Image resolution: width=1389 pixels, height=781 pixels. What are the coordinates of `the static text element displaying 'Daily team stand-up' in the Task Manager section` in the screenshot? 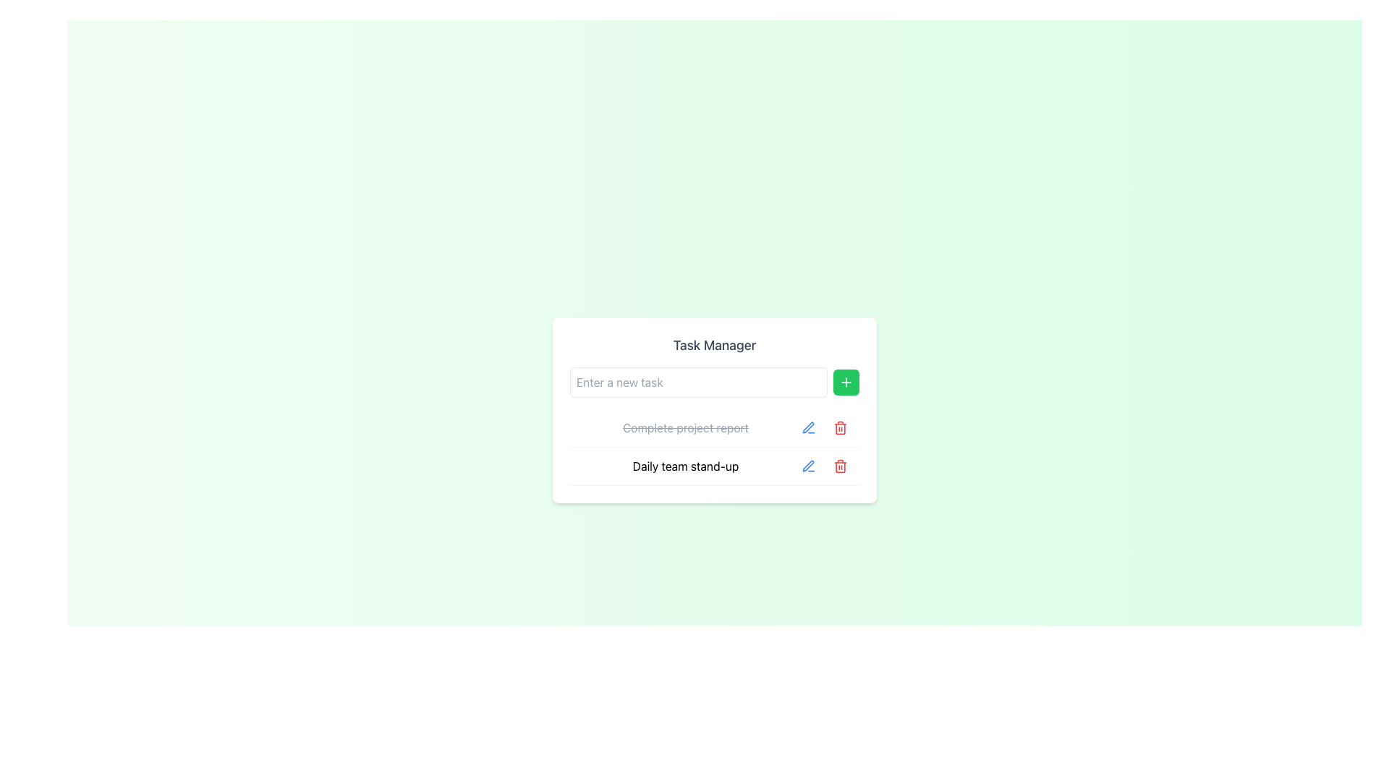 It's located at (685, 466).